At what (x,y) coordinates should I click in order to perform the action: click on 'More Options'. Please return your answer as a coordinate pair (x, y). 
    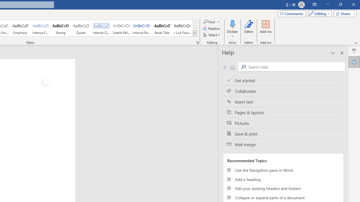
    Looking at the image, I should click on (232, 34).